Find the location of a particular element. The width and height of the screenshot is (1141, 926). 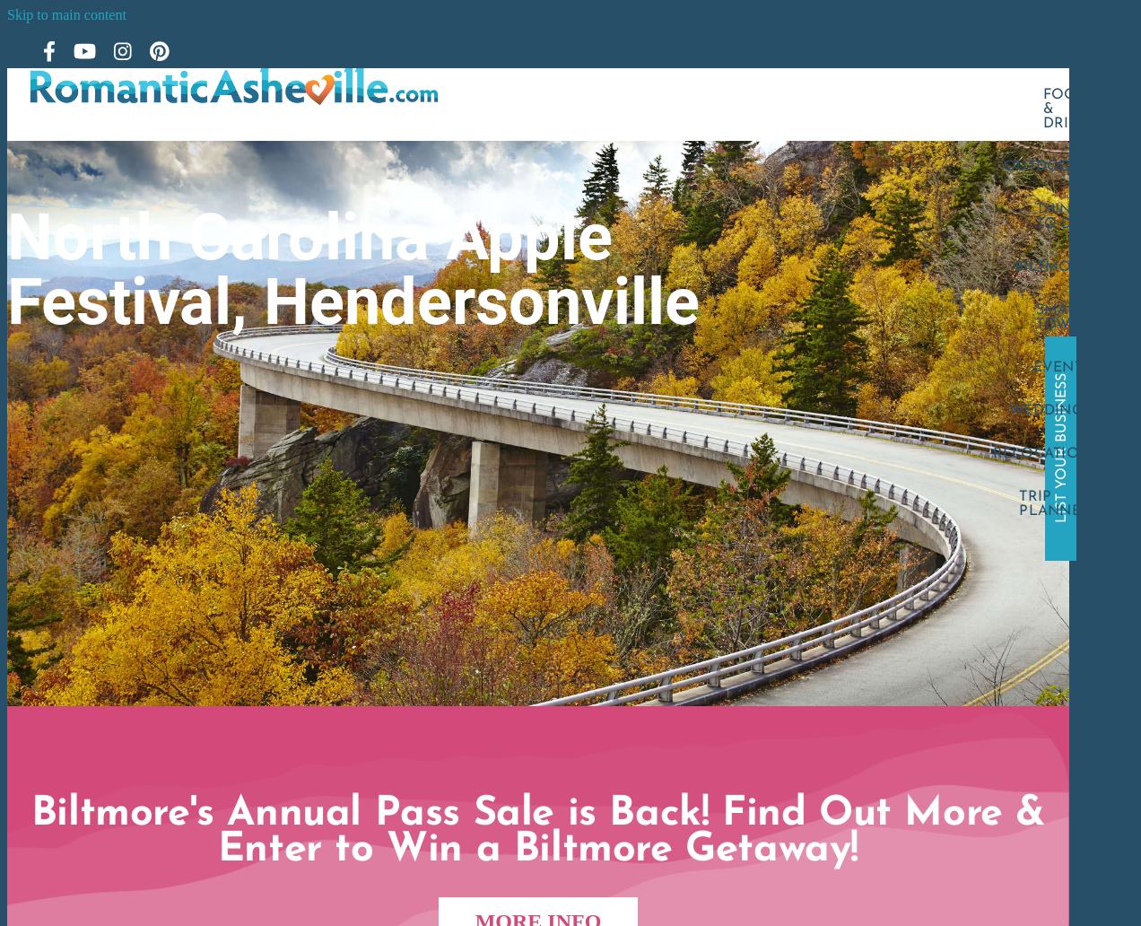

'List Your Business' is located at coordinates (1053, 447).